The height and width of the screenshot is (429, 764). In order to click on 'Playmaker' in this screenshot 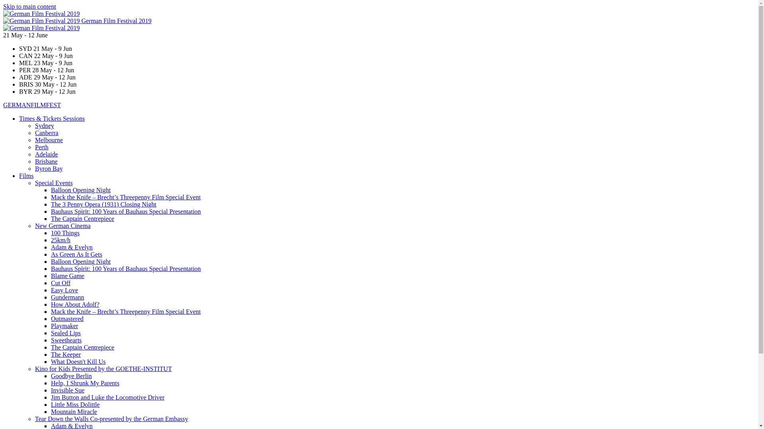, I will do `click(64, 326)`.